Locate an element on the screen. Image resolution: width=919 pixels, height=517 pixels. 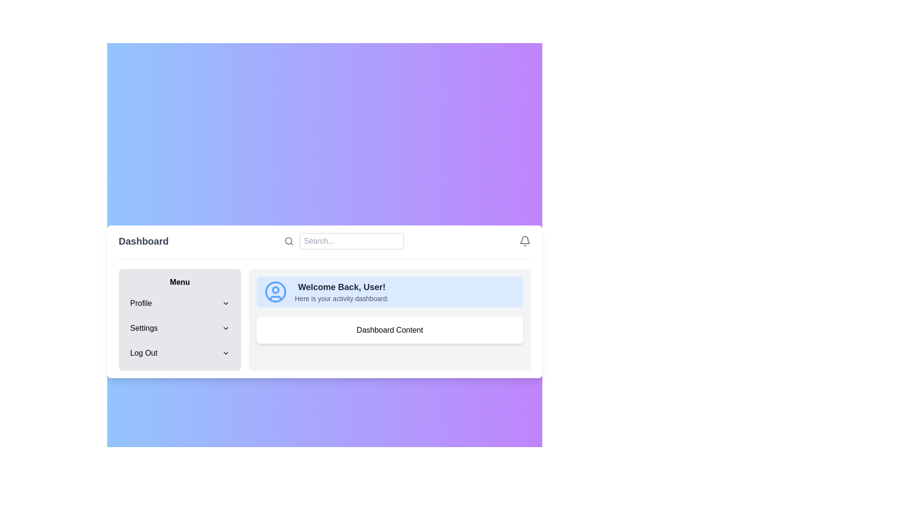
the downward-facing chevron icon with a sleek black outline located in the top-right corner of the 'Profile' menu item is located at coordinates (225, 303).